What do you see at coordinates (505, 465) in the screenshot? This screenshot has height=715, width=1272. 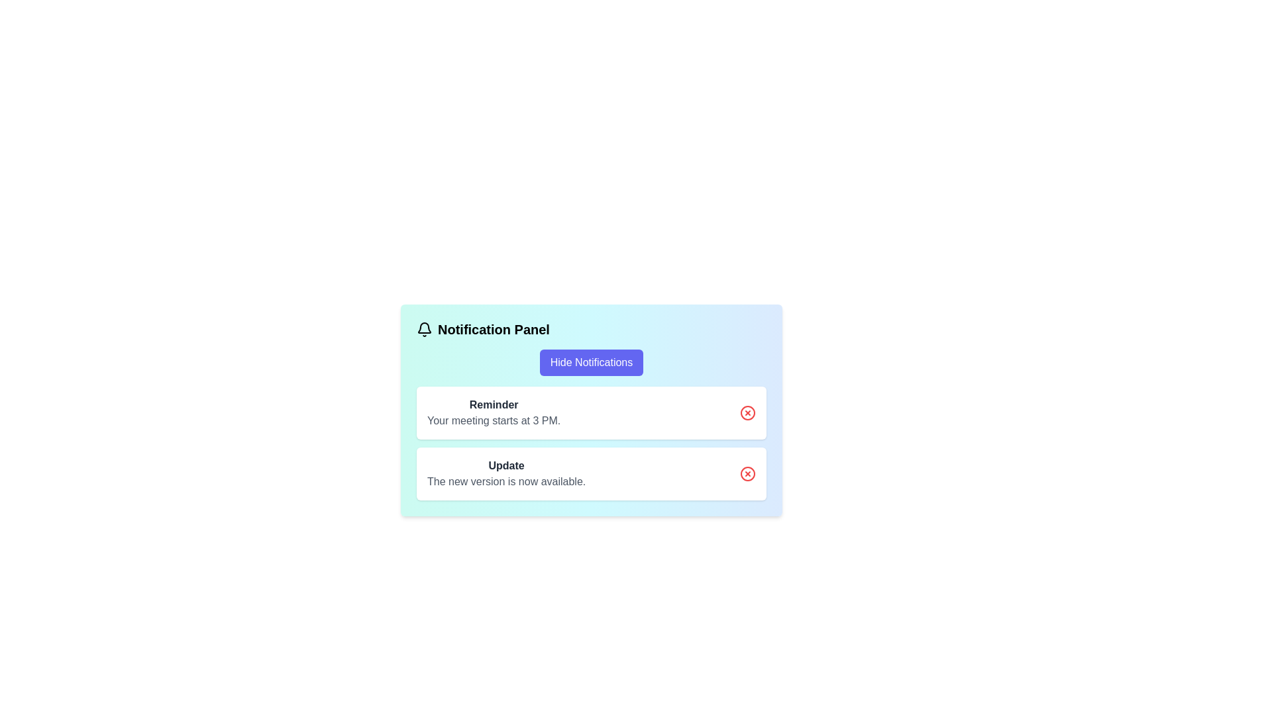 I see `the Text label that serves as a title or heading for a notification message located in the second notification section below the 'Reminder' notification` at bounding box center [505, 465].